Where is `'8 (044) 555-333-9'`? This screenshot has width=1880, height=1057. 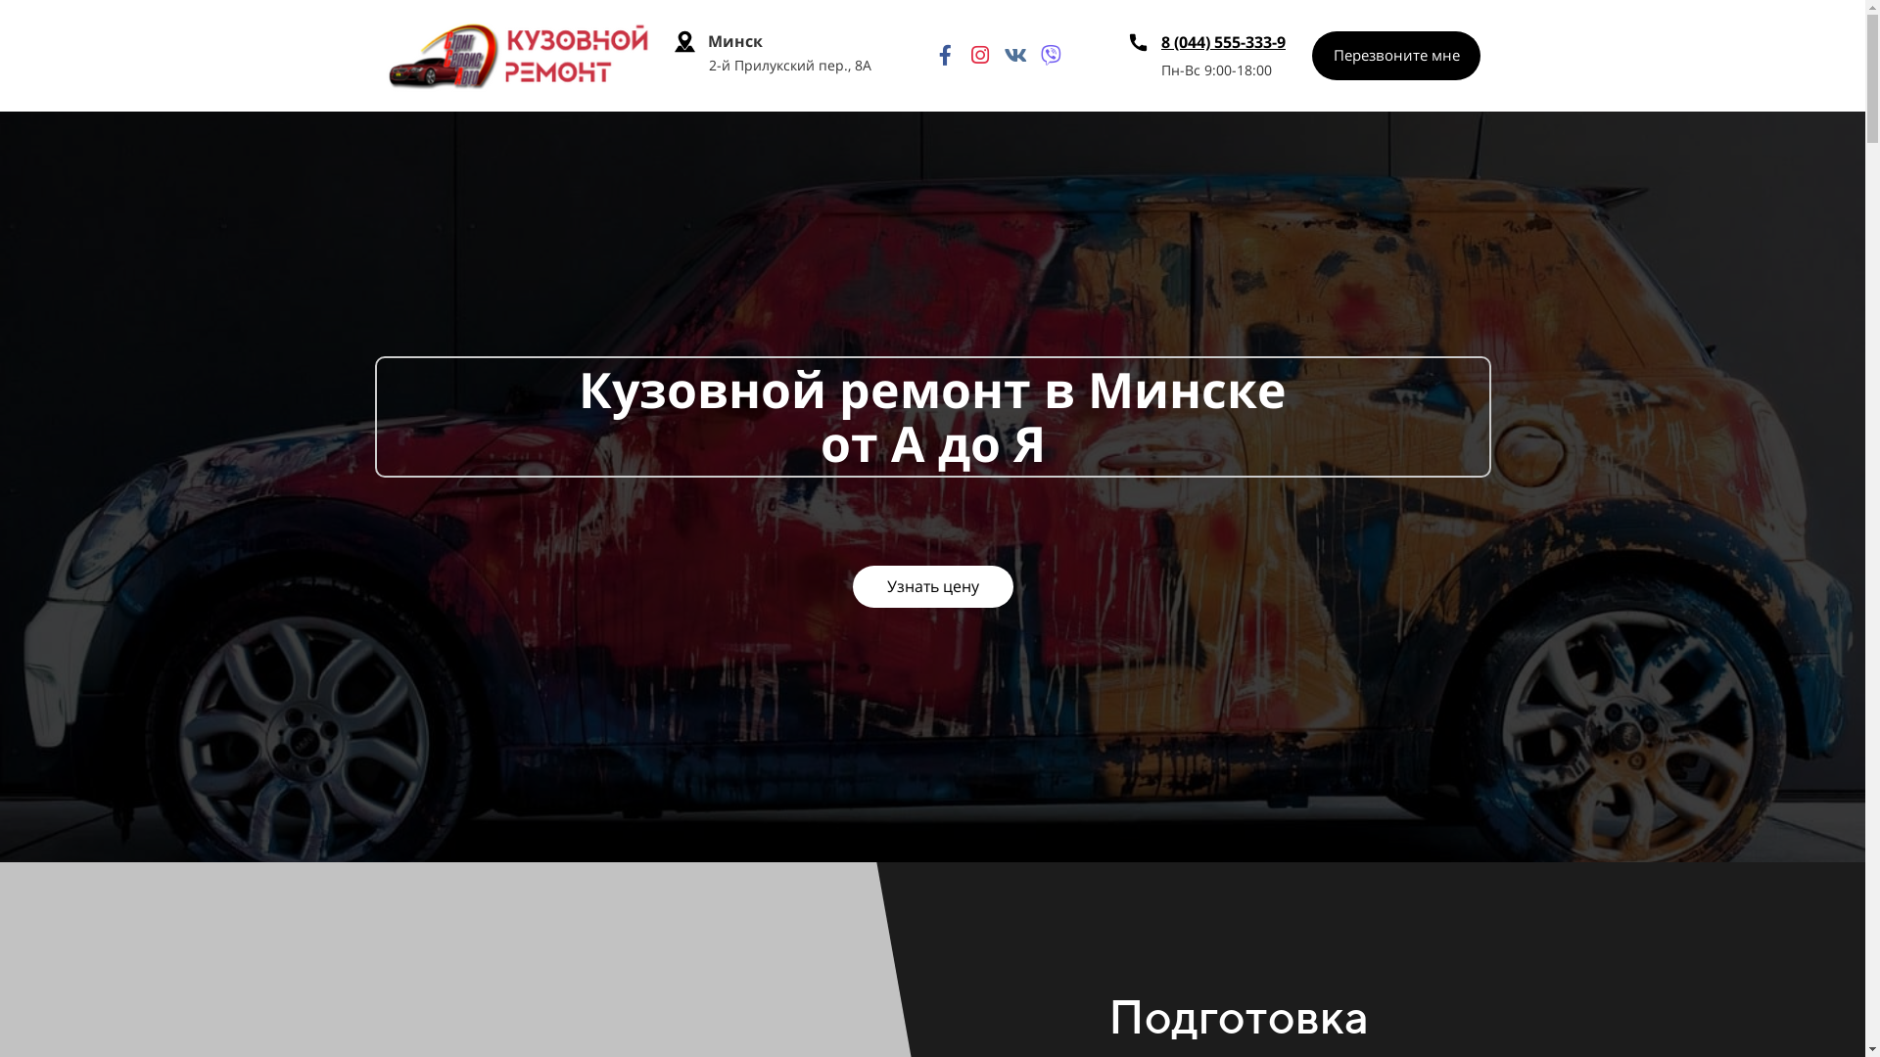
'8 (044) 555-333-9' is located at coordinates (1222, 41).